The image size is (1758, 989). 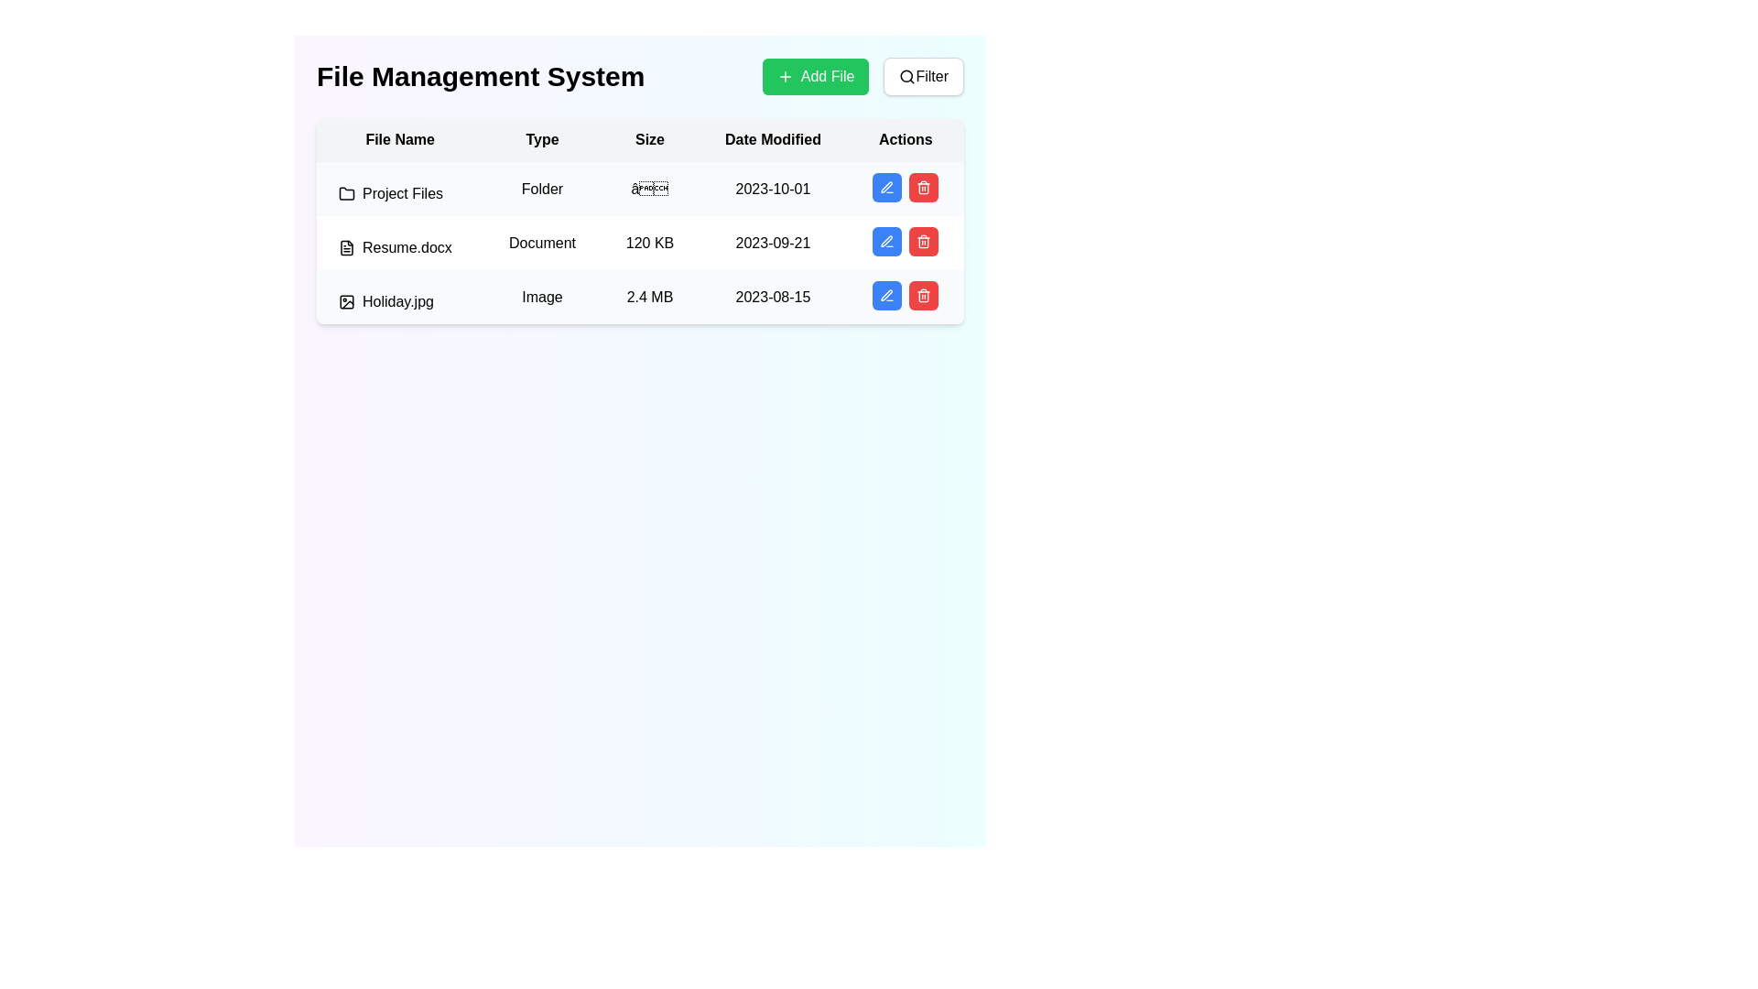 What do you see at coordinates (887, 240) in the screenshot?
I see `the first button in the 'Actions' column of the second row in the table corresponding to 'Resume.docx' to invoke an action such as opening an editor or a settings panel` at bounding box center [887, 240].